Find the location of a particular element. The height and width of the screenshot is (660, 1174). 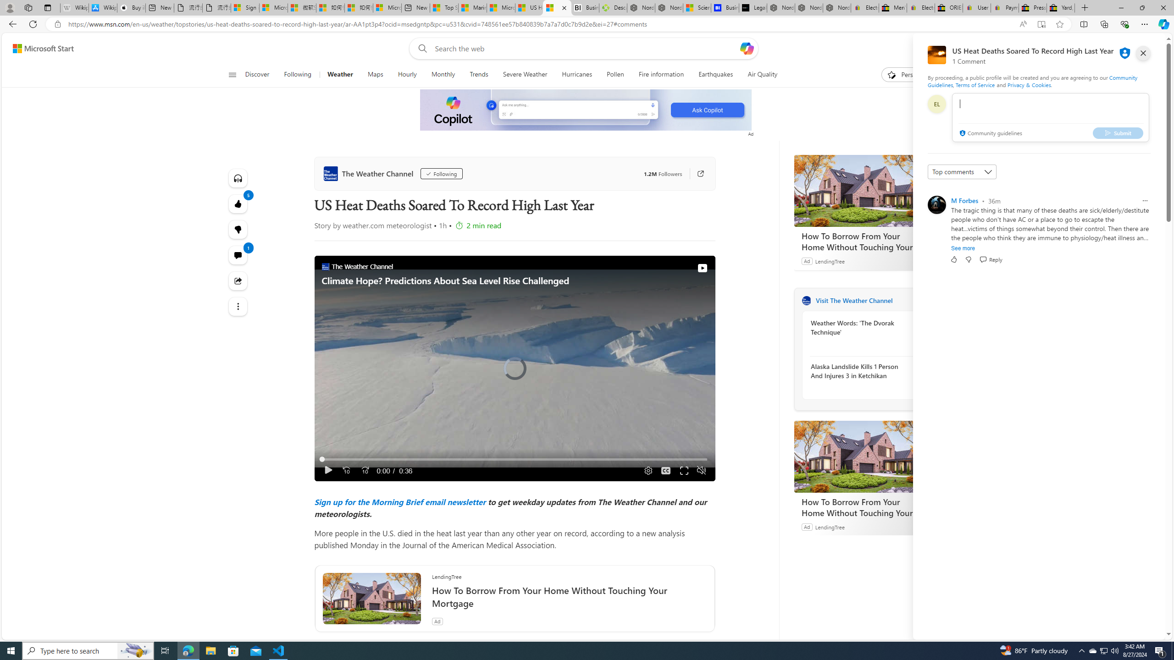

'Severe Weather' is located at coordinates (525, 74).